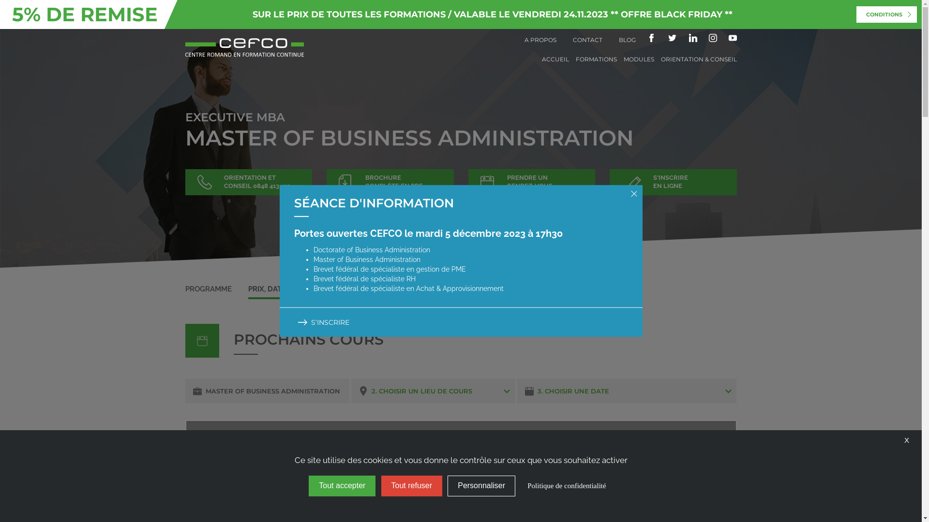 The image size is (929, 522). Describe the element at coordinates (576, 59) in the screenshot. I see `'FORMATIONS'` at that location.